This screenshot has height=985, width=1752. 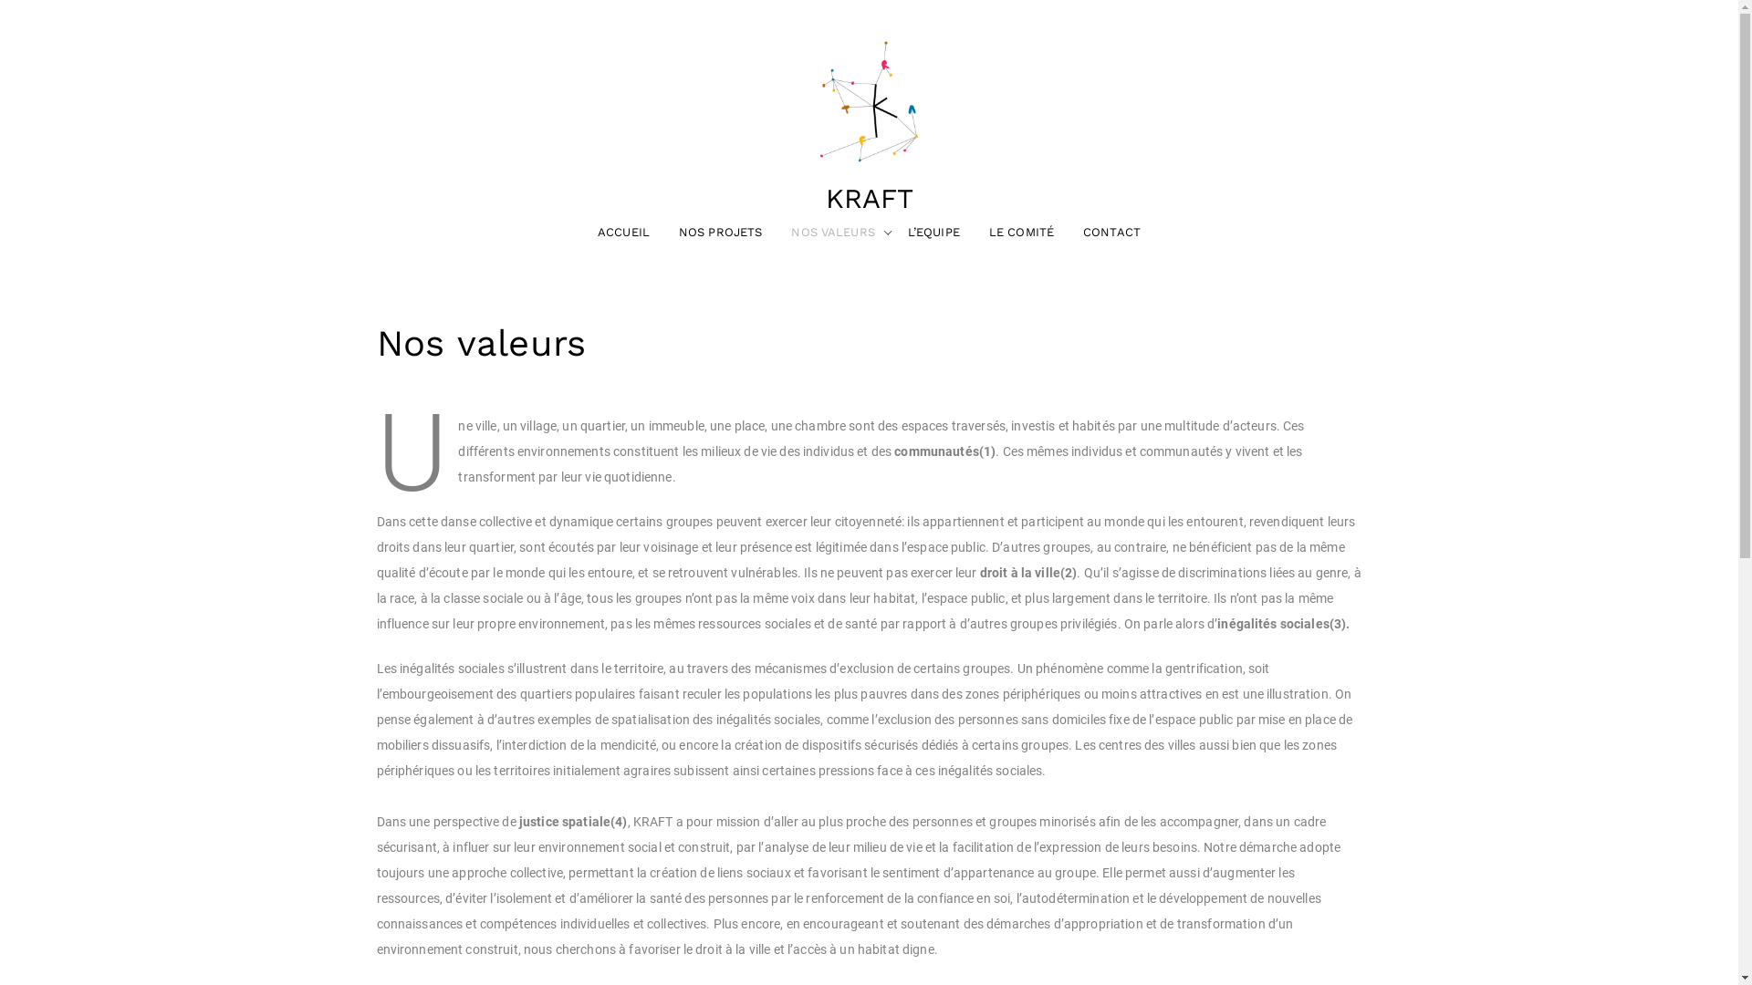 What do you see at coordinates (663, 231) in the screenshot?
I see `'NOS PROJETS'` at bounding box center [663, 231].